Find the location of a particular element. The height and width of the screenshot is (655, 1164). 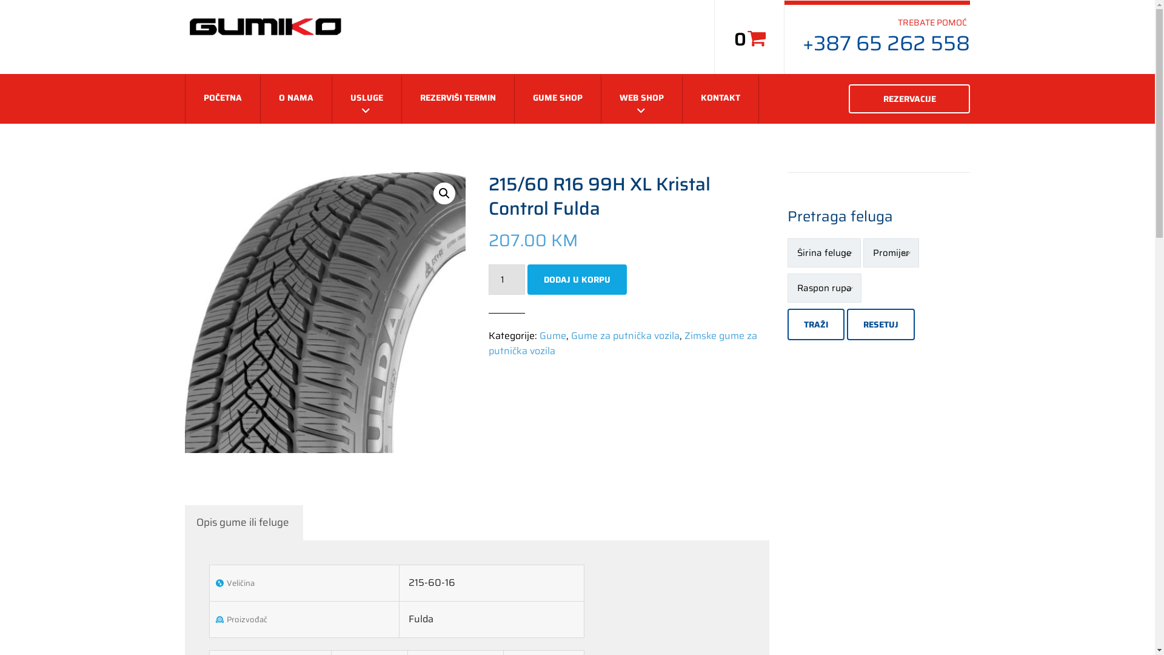

'GUME SHOP' is located at coordinates (557, 98).